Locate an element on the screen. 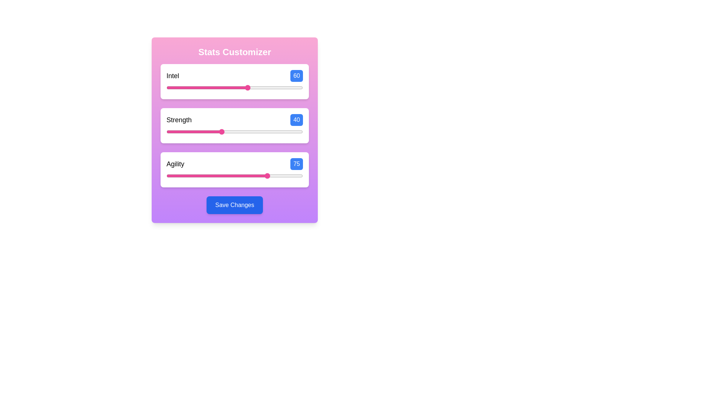 This screenshot has width=712, height=400. the Range Slider located in the middle panel section labeled 'Strength', positioned below the 'Strength' label and adjacent to the blue-bordered box displaying the value '40' is located at coordinates (234, 131).